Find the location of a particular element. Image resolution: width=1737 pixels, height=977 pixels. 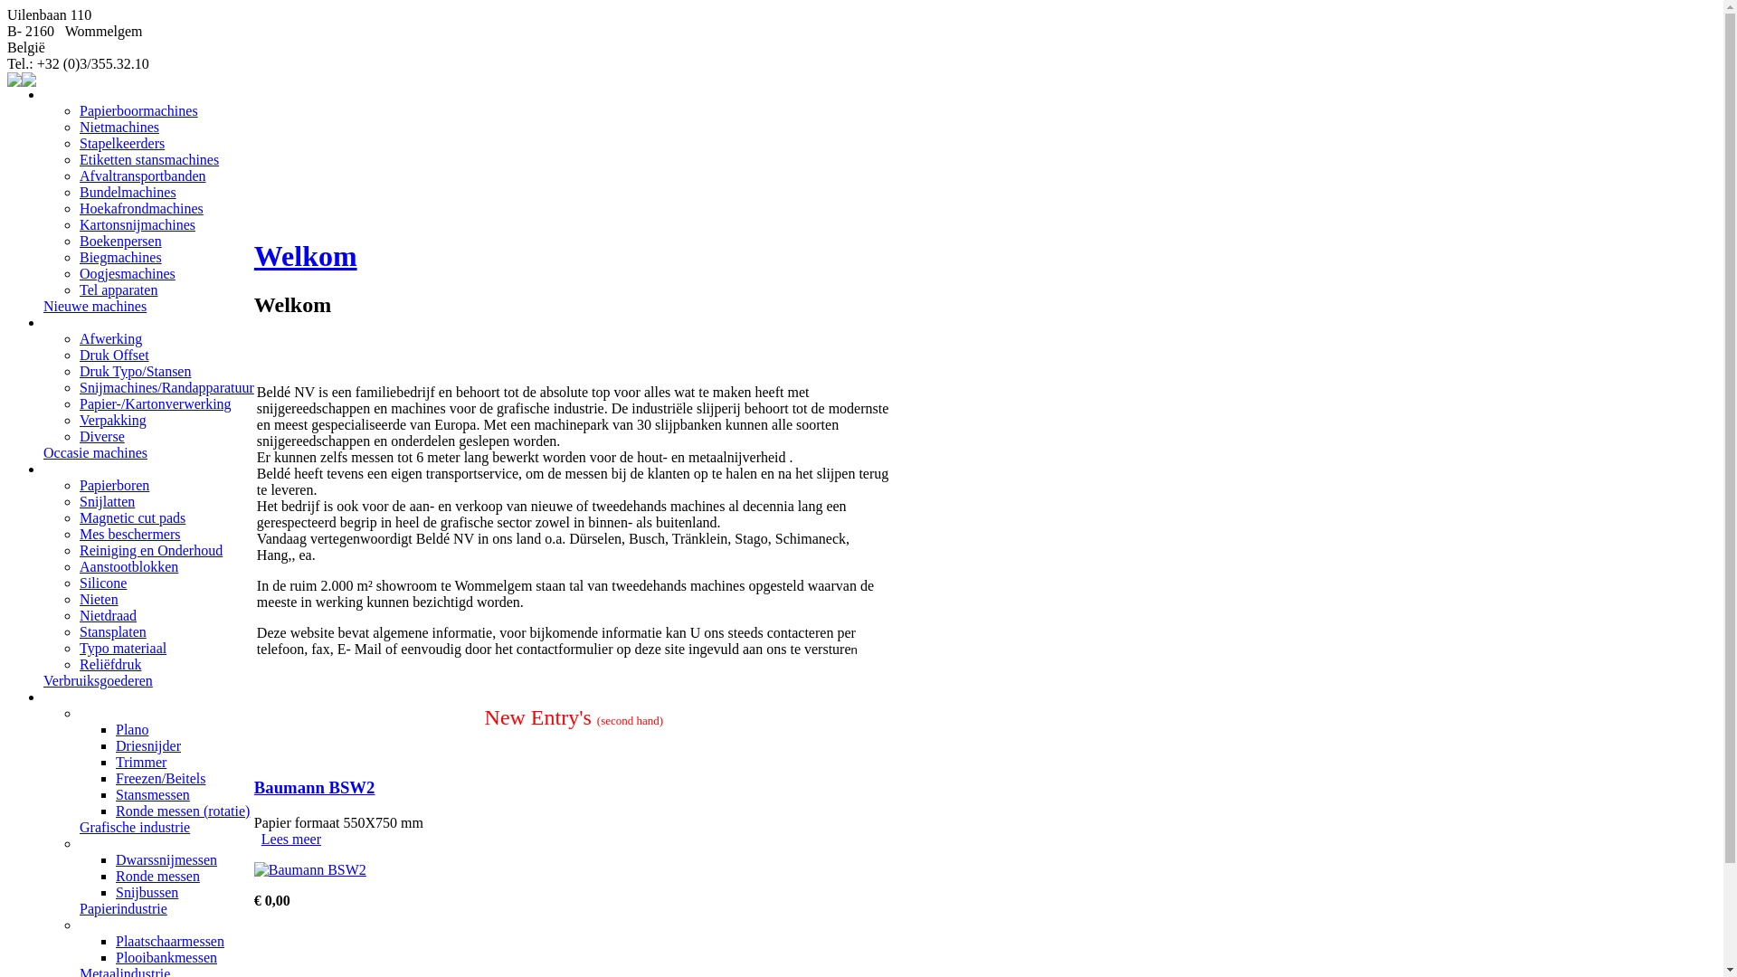

'Afwerking' is located at coordinates (78, 338).